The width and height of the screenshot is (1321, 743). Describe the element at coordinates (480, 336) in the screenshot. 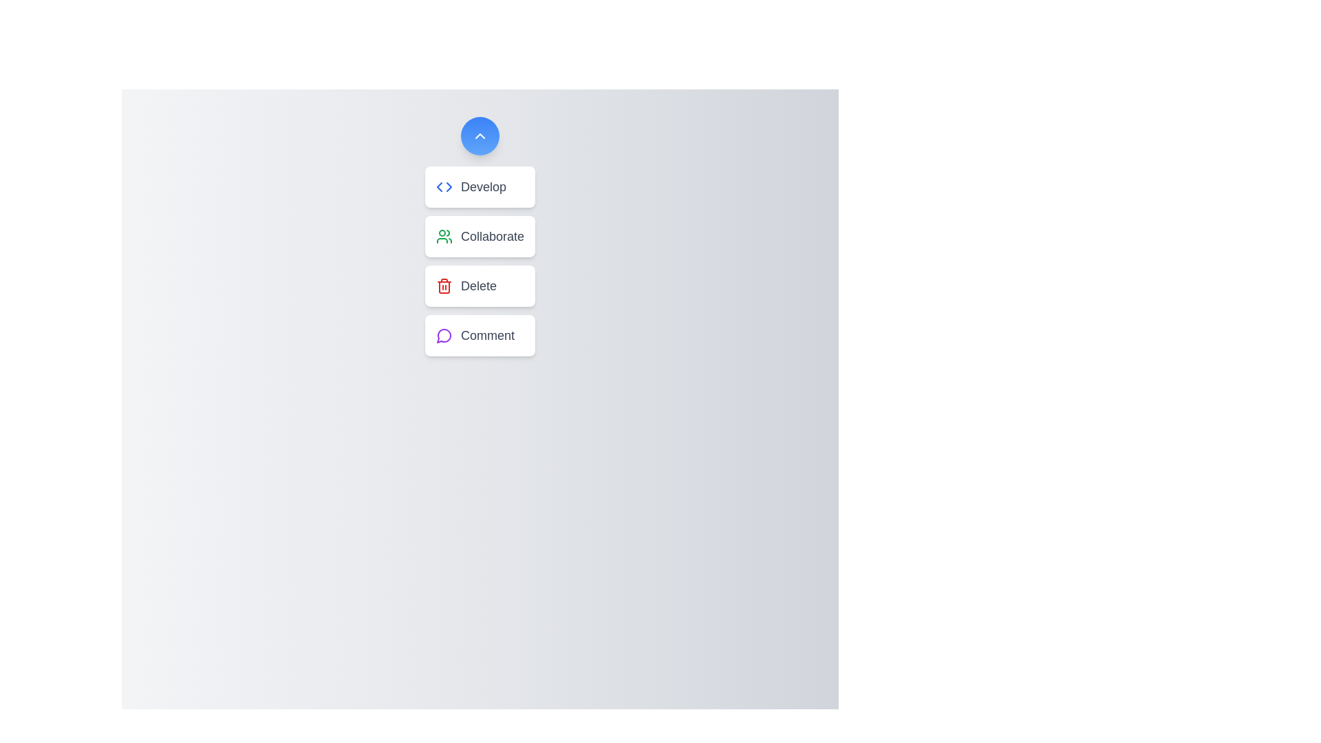

I see `the button labeled Comment` at that location.